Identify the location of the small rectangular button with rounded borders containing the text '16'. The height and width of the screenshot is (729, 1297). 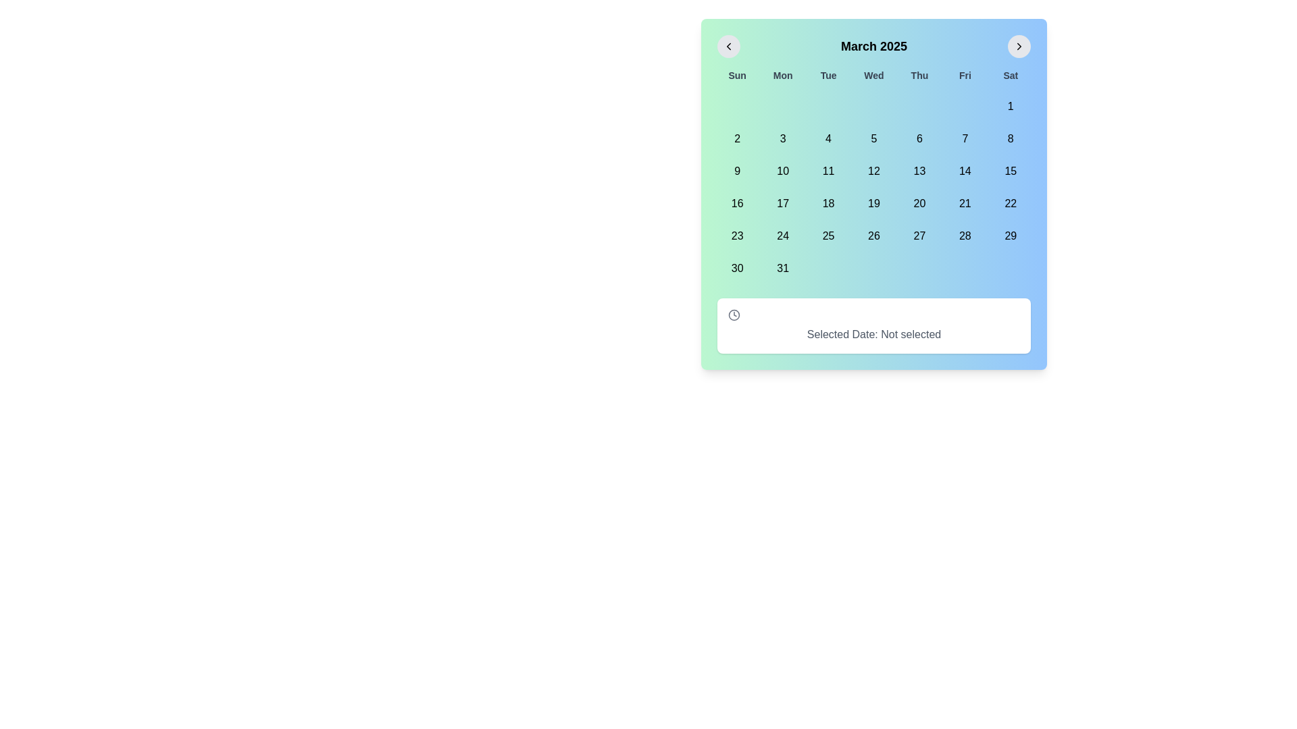
(736, 203).